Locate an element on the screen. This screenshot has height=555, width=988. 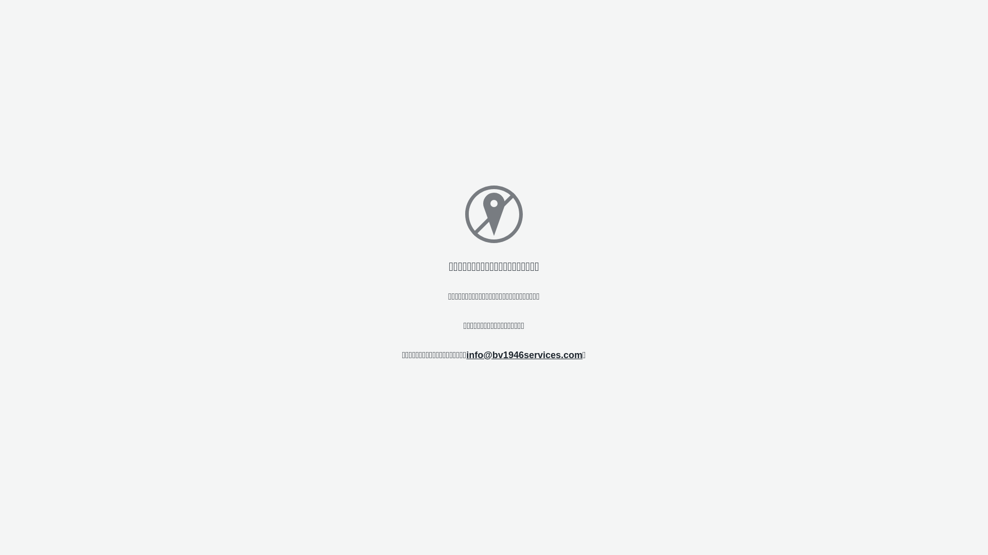
'info@bv1946services.com' is located at coordinates (466, 354).